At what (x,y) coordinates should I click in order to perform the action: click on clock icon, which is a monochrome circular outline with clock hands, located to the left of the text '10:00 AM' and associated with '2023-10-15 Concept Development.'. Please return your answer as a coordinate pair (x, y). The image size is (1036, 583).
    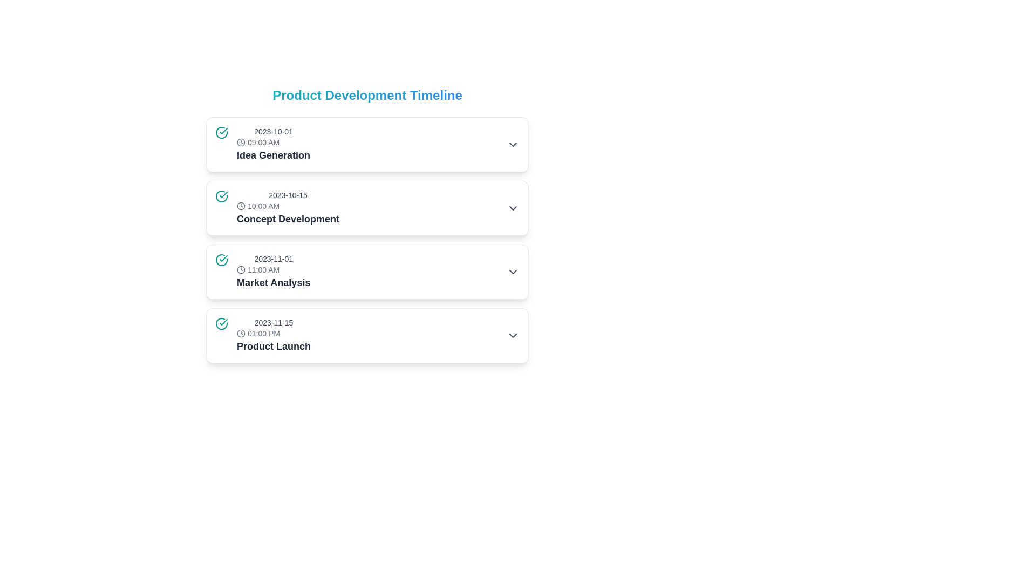
    Looking at the image, I should click on (240, 206).